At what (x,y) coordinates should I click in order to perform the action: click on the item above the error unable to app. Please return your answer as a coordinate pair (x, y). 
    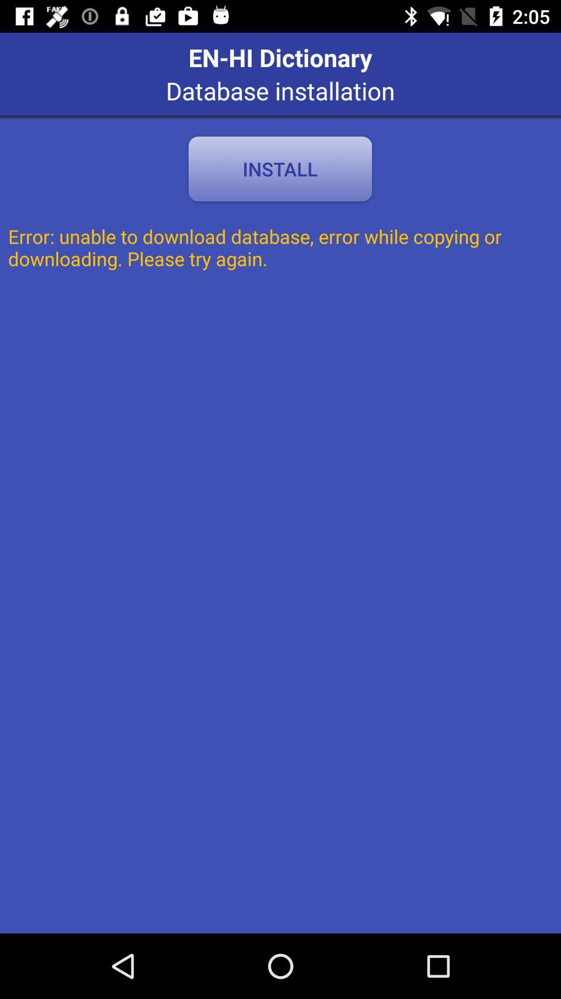
    Looking at the image, I should click on (279, 169).